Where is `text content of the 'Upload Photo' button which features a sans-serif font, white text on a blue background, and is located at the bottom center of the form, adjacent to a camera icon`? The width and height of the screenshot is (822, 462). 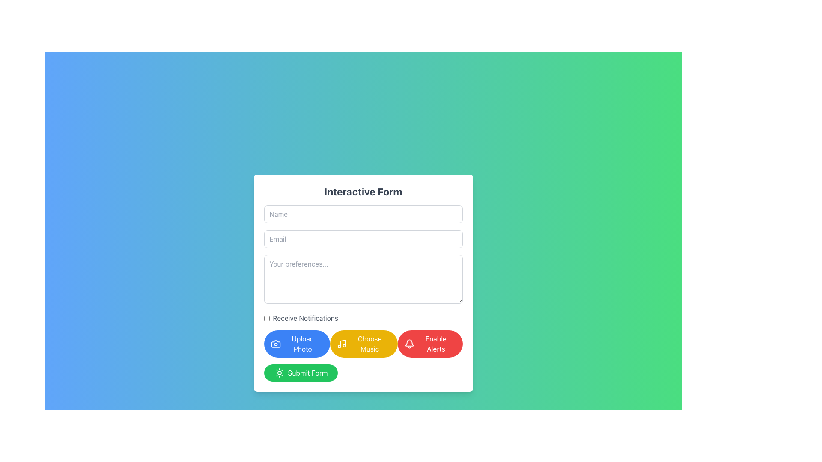
text content of the 'Upload Photo' button which features a sans-serif font, white text on a blue background, and is located at the bottom center of the form, adjacent to a camera icon is located at coordinates (303, 343).